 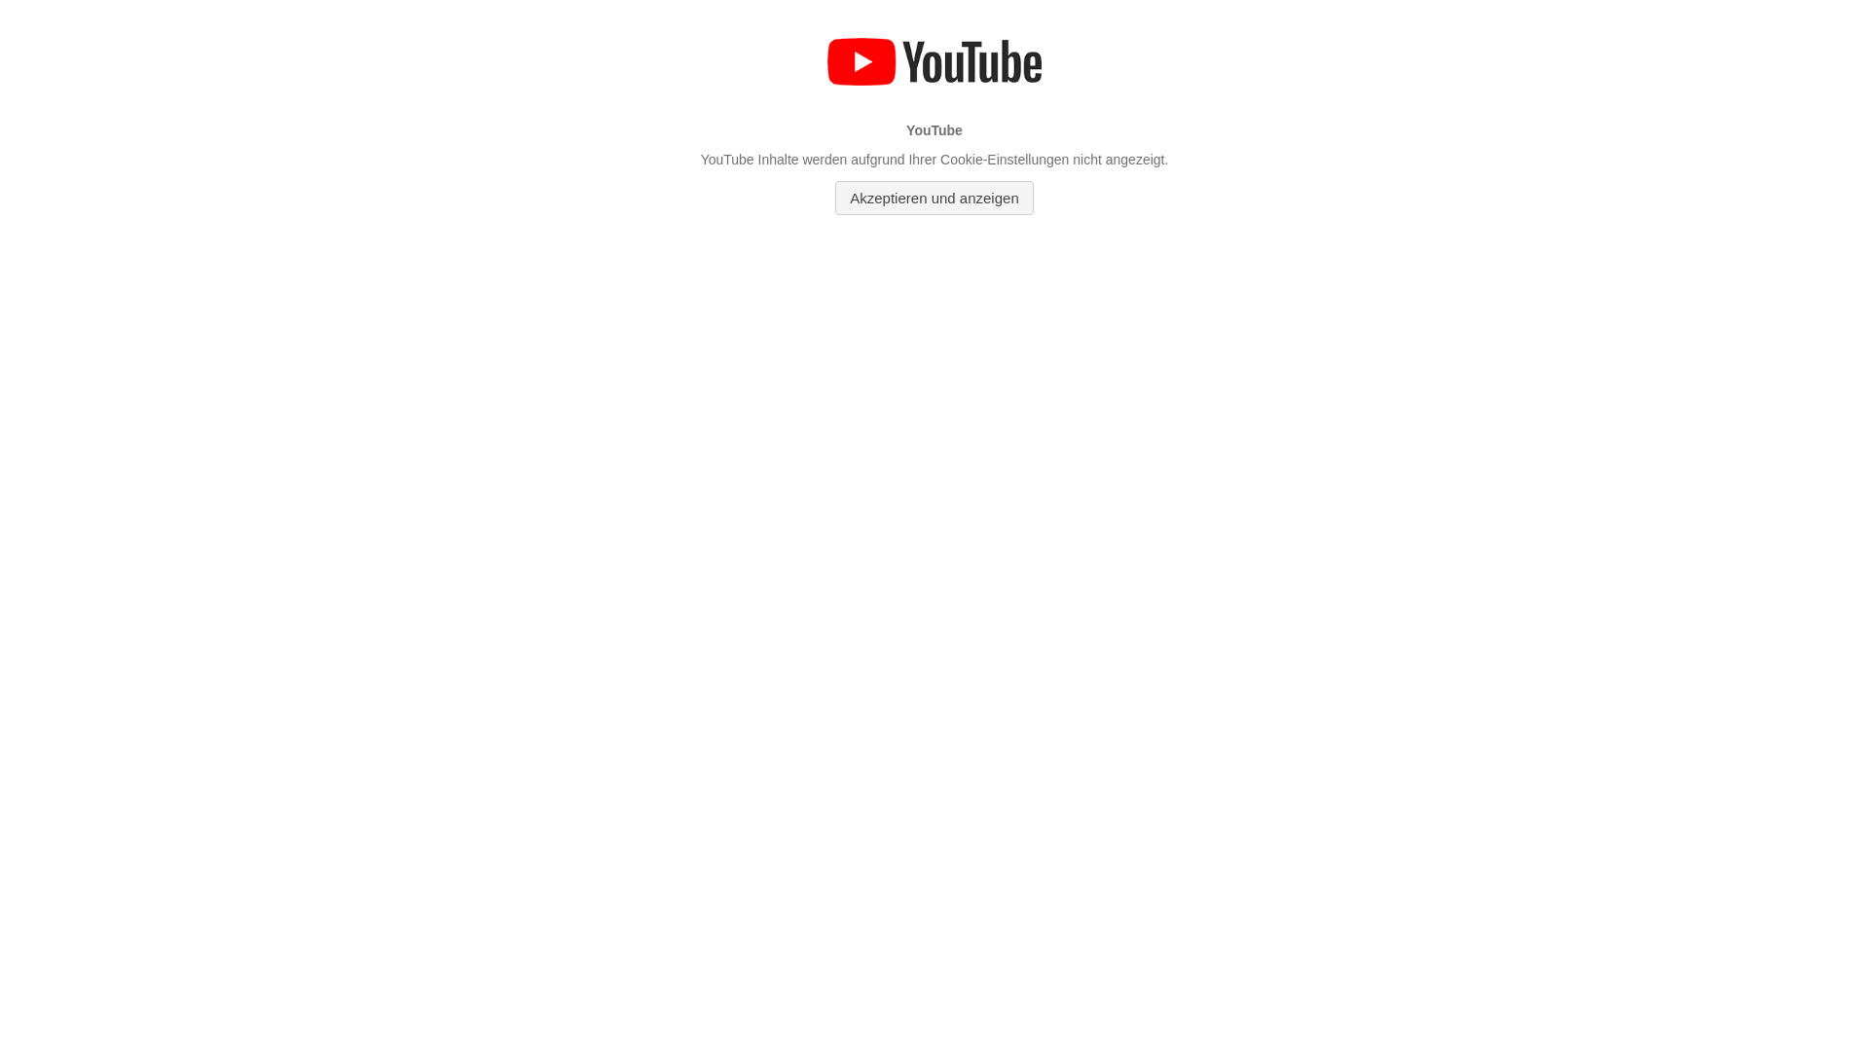 What do you see at coordinates (933, 198) in the screenshot?
I see `'Akzeptieren und anzeigen'` at bounding box center [933, 198].